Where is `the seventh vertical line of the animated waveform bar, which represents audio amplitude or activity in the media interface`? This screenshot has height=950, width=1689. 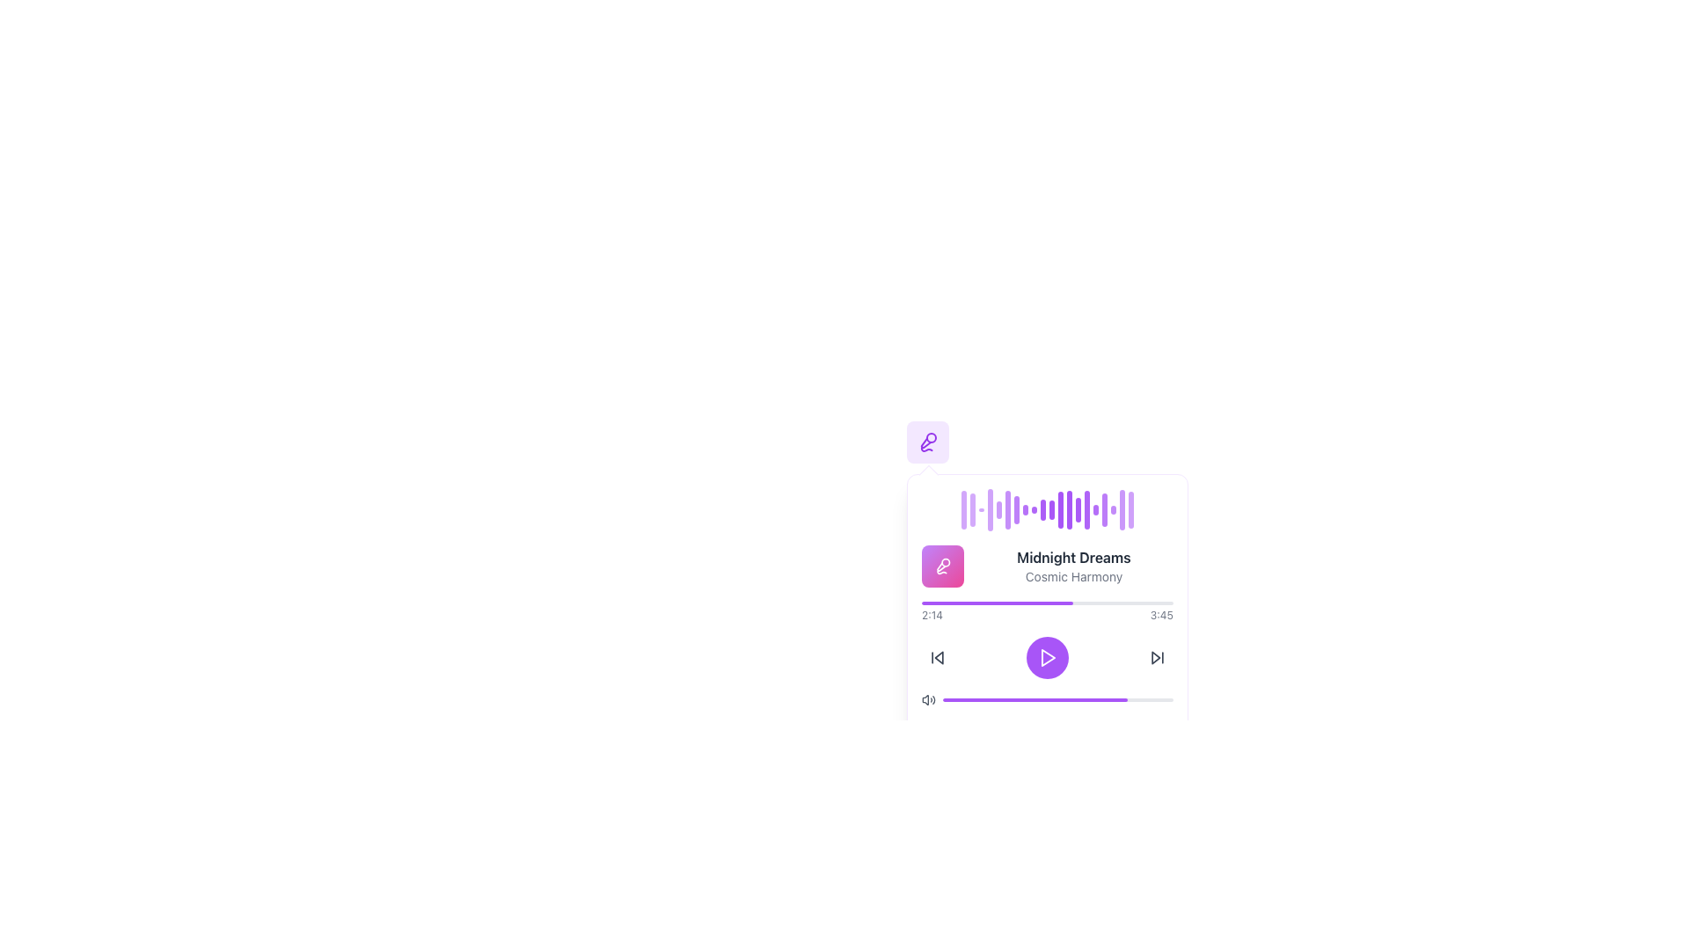
the seventh vertical line of the animated waveform bar, which represents audio amplitude or activity in the media interface is located at coordinates (1017, 509).